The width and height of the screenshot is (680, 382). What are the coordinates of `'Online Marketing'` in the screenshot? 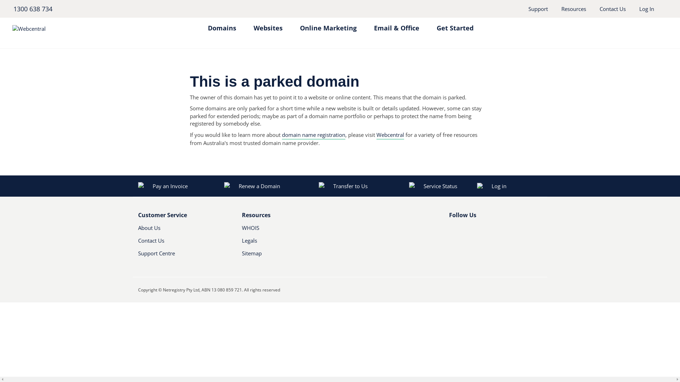 It's located at (299, 24).